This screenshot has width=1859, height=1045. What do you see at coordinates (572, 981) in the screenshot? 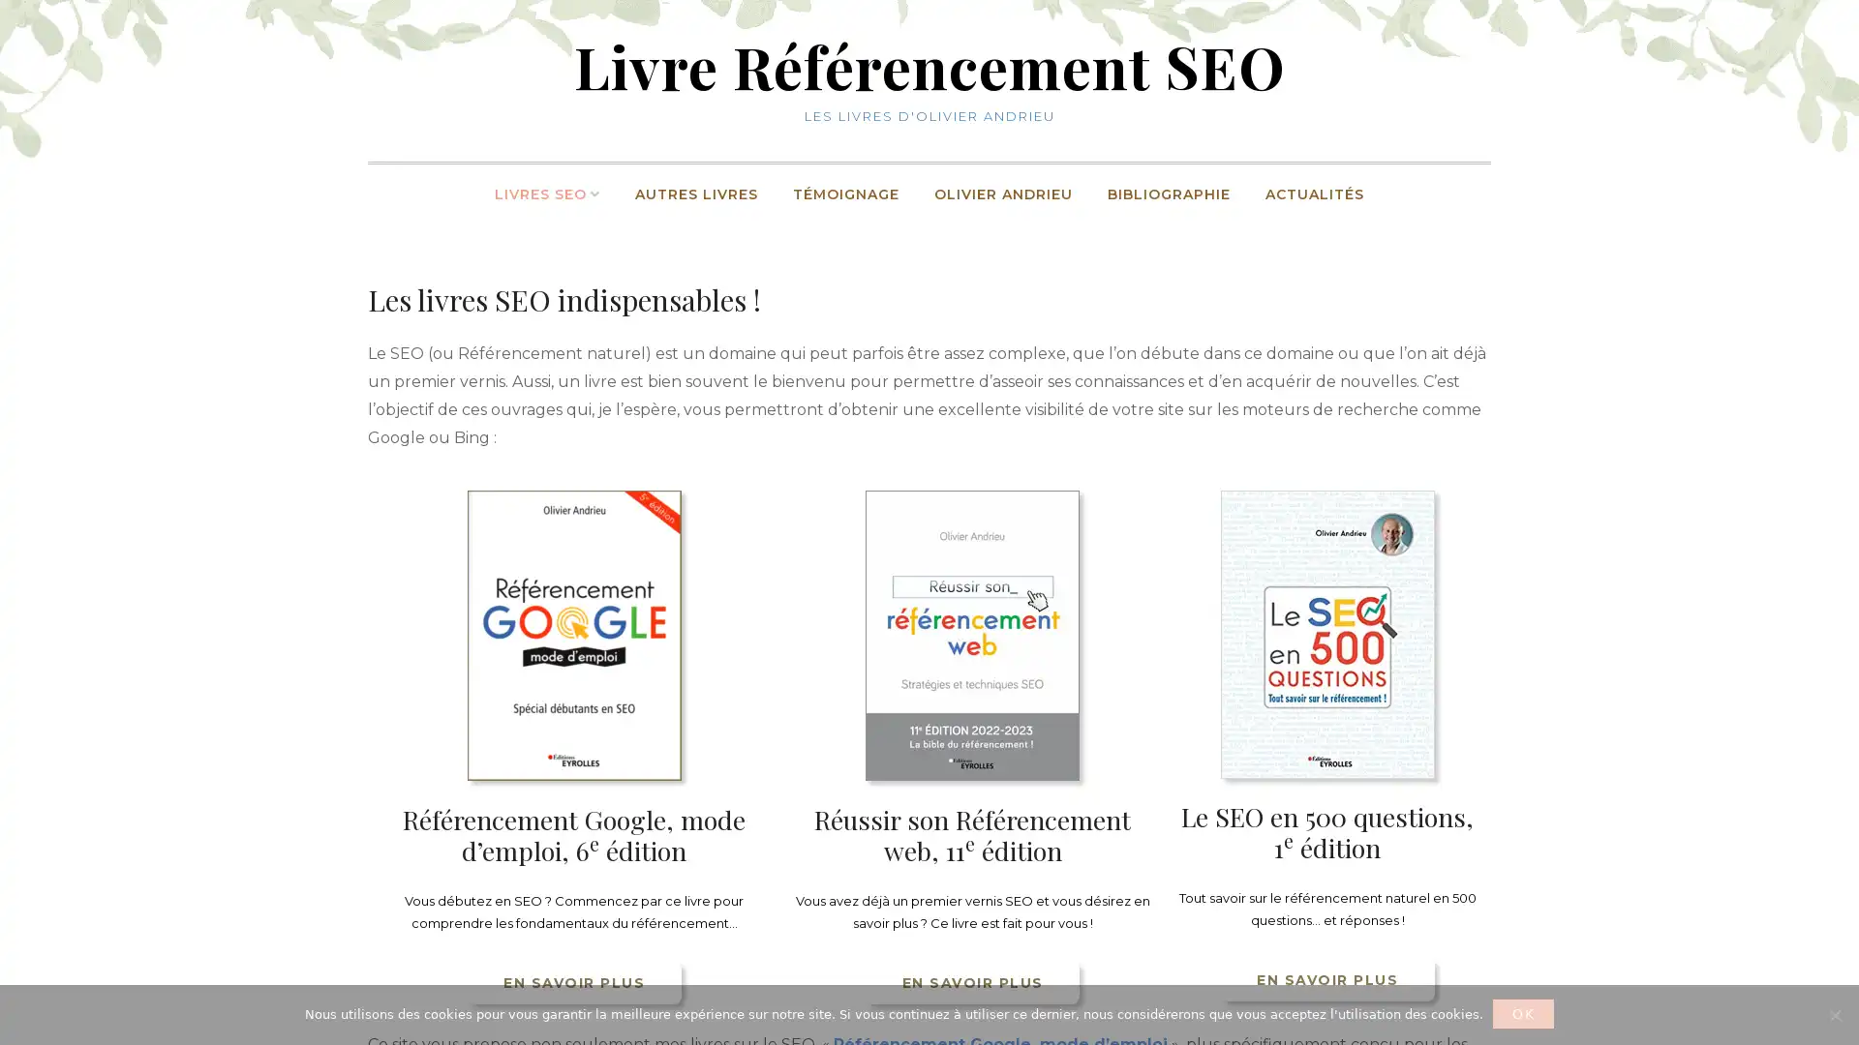
I see `EN SAVOIR PLUS` at bounding box center [572, 981].